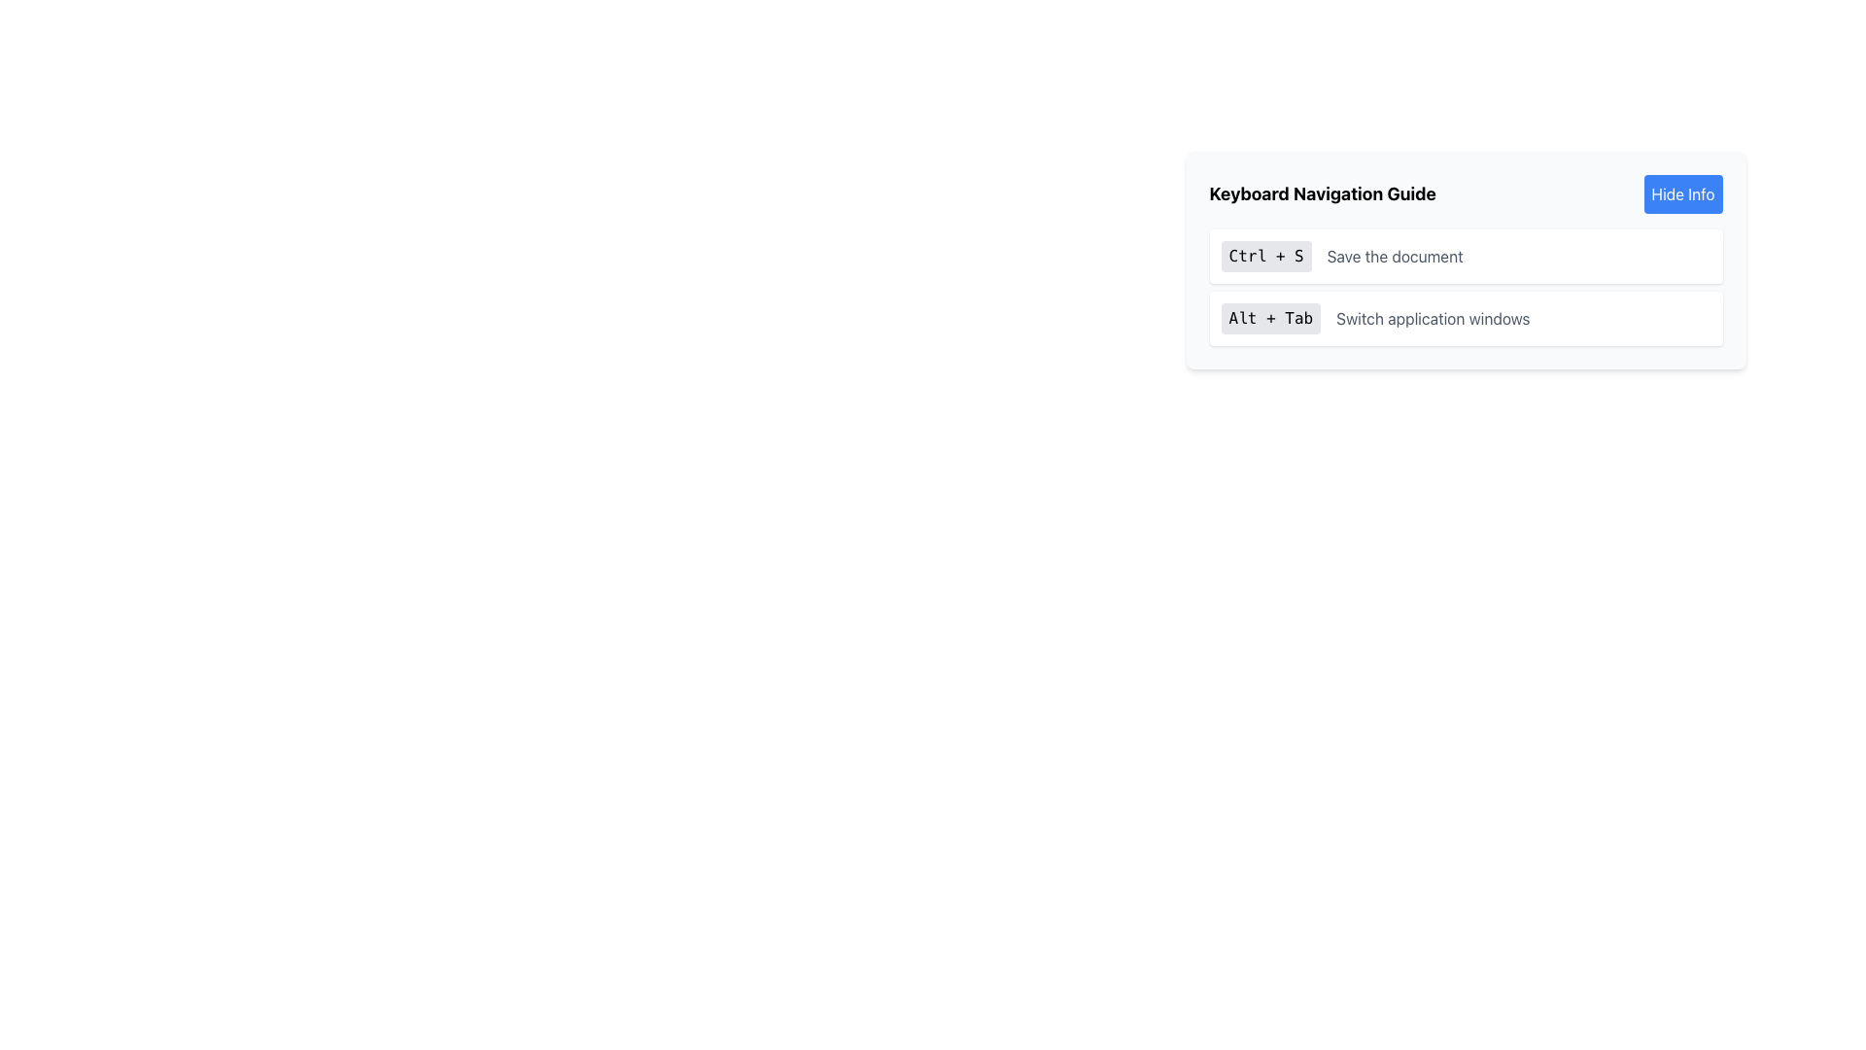 This screenshot has height=1050, width=1866. I want to click on the Informational panel that displays keyboard shortcuts for user reference, located below the title 'Keyboard Navigation Guide' and adjacent to the 'Hide Info' button, so click(1466, 259).